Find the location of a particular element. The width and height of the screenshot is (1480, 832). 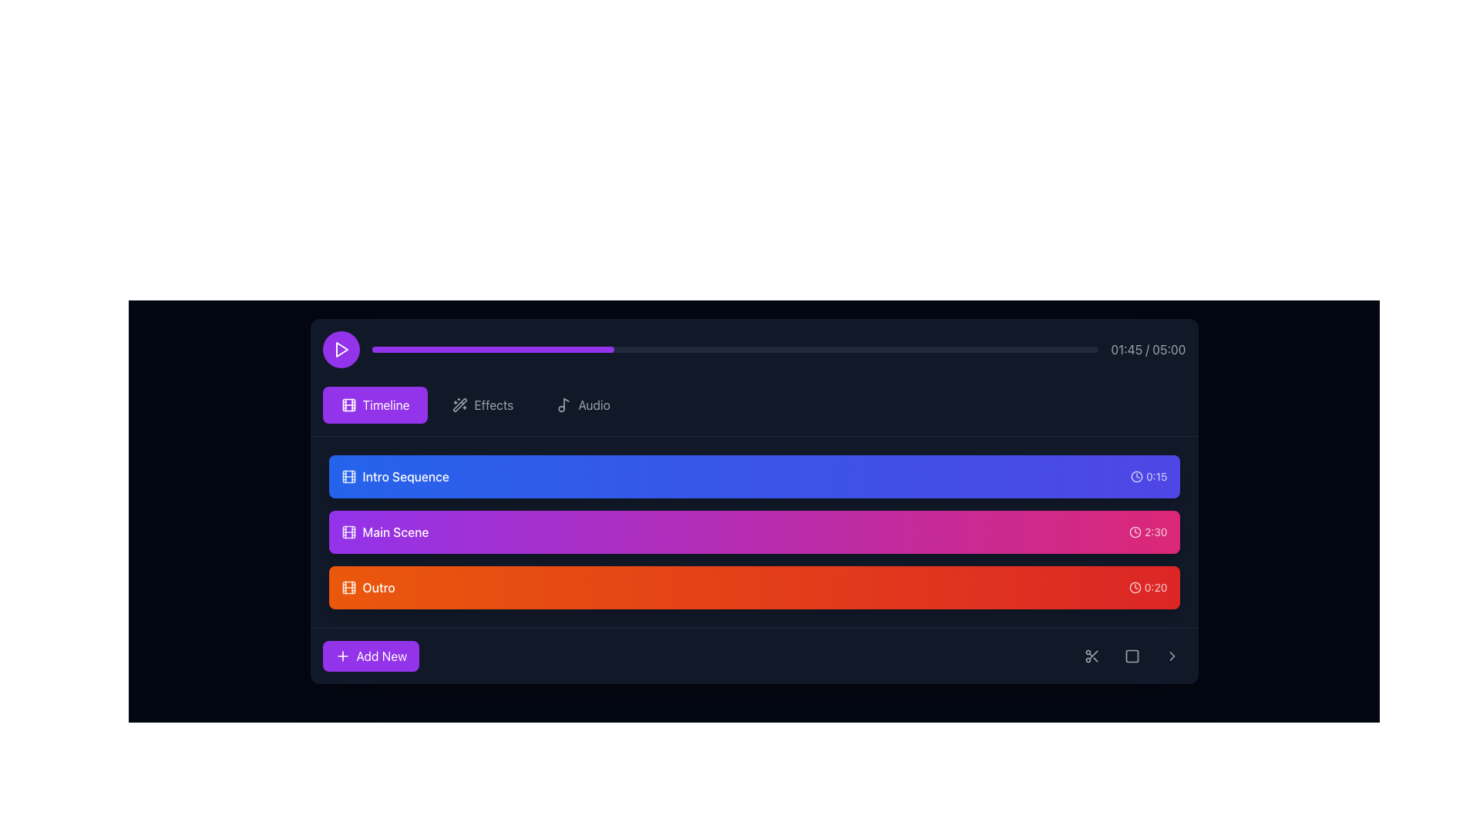

the 'Timeline' tab button located on the leftmost side of the navigation bar is located at coordinates (375, 404).